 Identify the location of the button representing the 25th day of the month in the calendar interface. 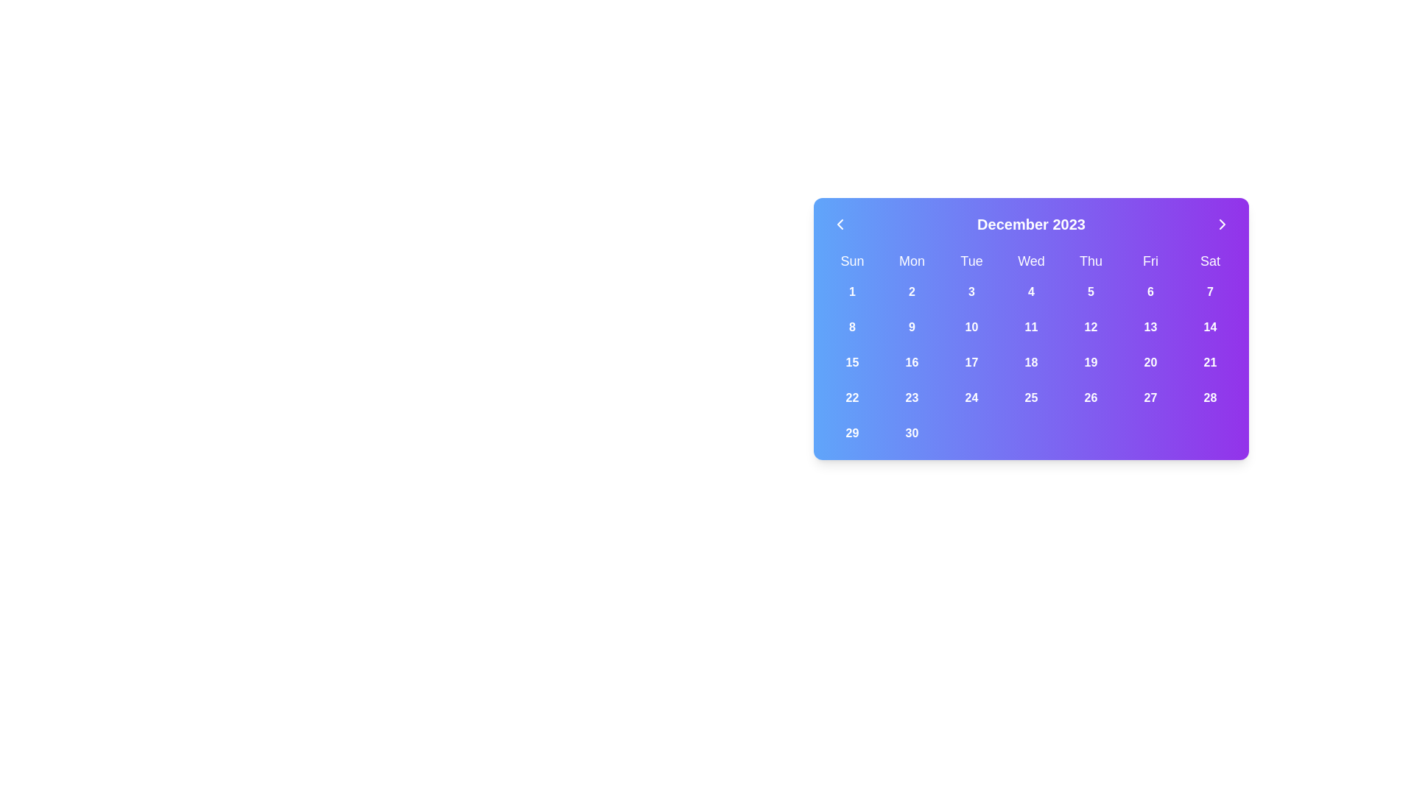
(1030, 397).